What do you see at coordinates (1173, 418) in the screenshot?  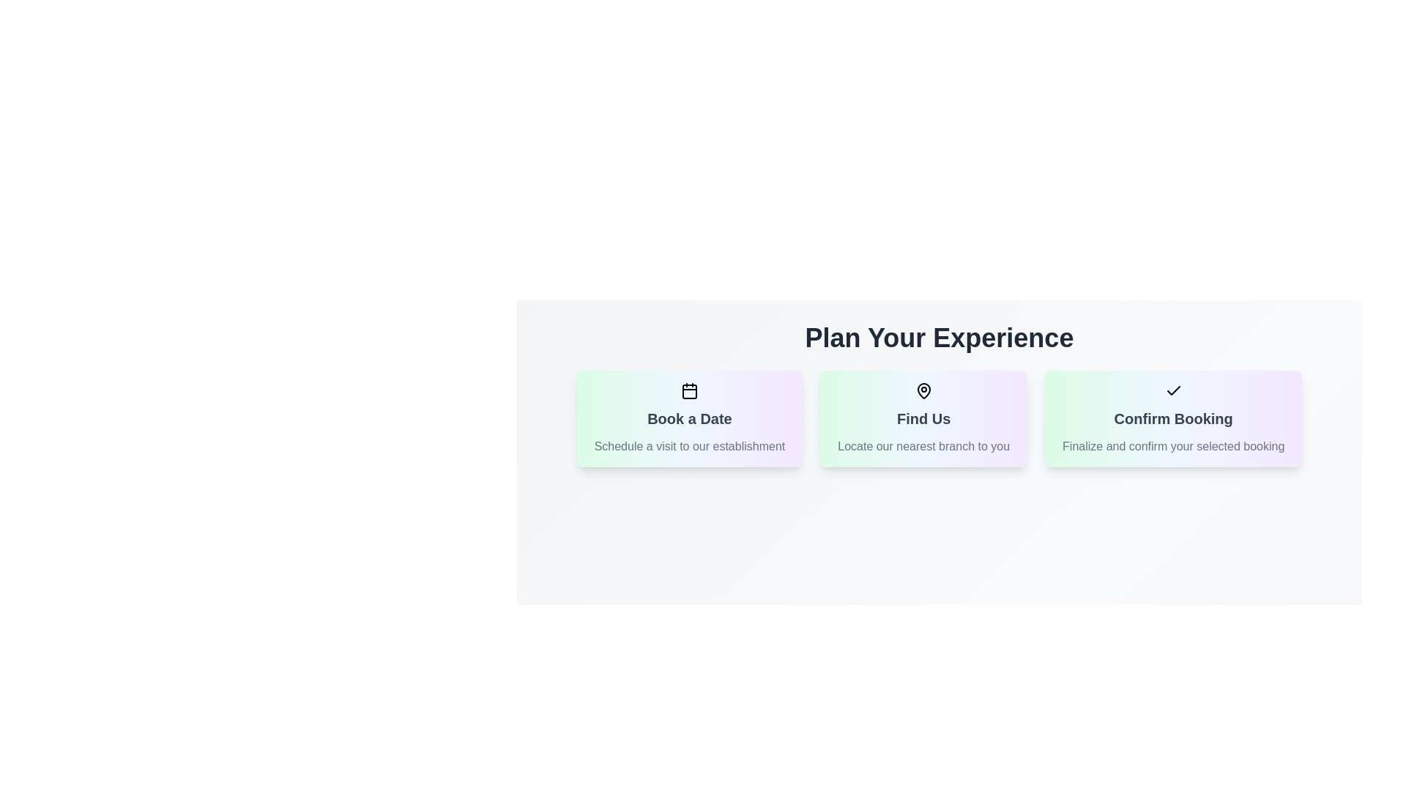 I see `text label that confirms a booking, located in the rightmost card below the header 'Plan Your Experience', positioned centrally above the description text 'Finalize and confirm your selected booking'` at bounding box center [1173, 418].